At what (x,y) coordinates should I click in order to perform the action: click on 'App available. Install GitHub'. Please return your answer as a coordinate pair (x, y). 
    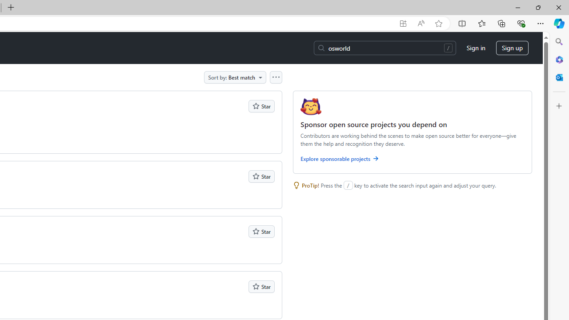
    Looking at the image, I should click on (402, 23).